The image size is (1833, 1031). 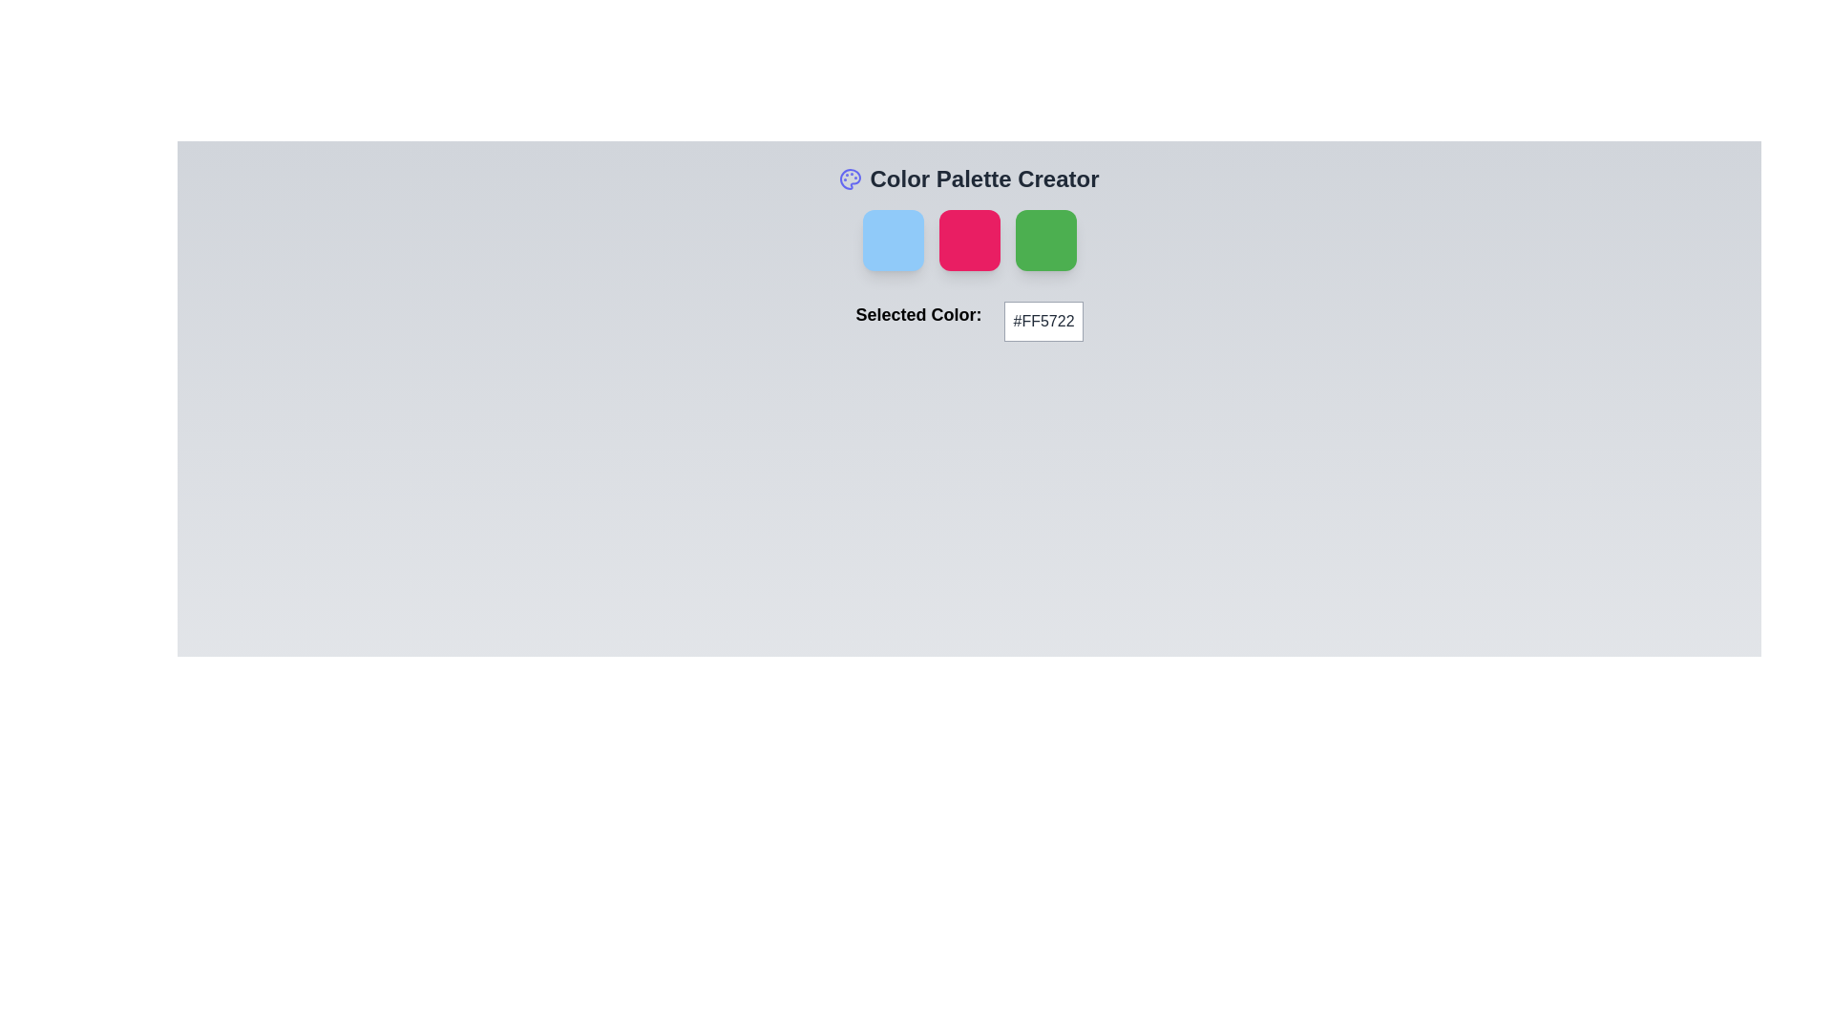 I want to click on the text label that describes the color choice, which is located first in a horizontal layout next to the color code box displaying '#FF5722', so click(x=918, y=320).